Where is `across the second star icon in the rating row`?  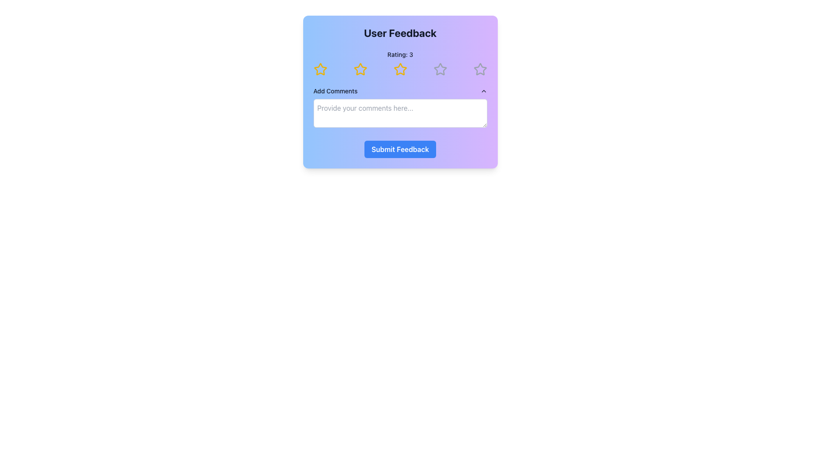
across the second star icon in the rating row is located at coordinates (360, 69).